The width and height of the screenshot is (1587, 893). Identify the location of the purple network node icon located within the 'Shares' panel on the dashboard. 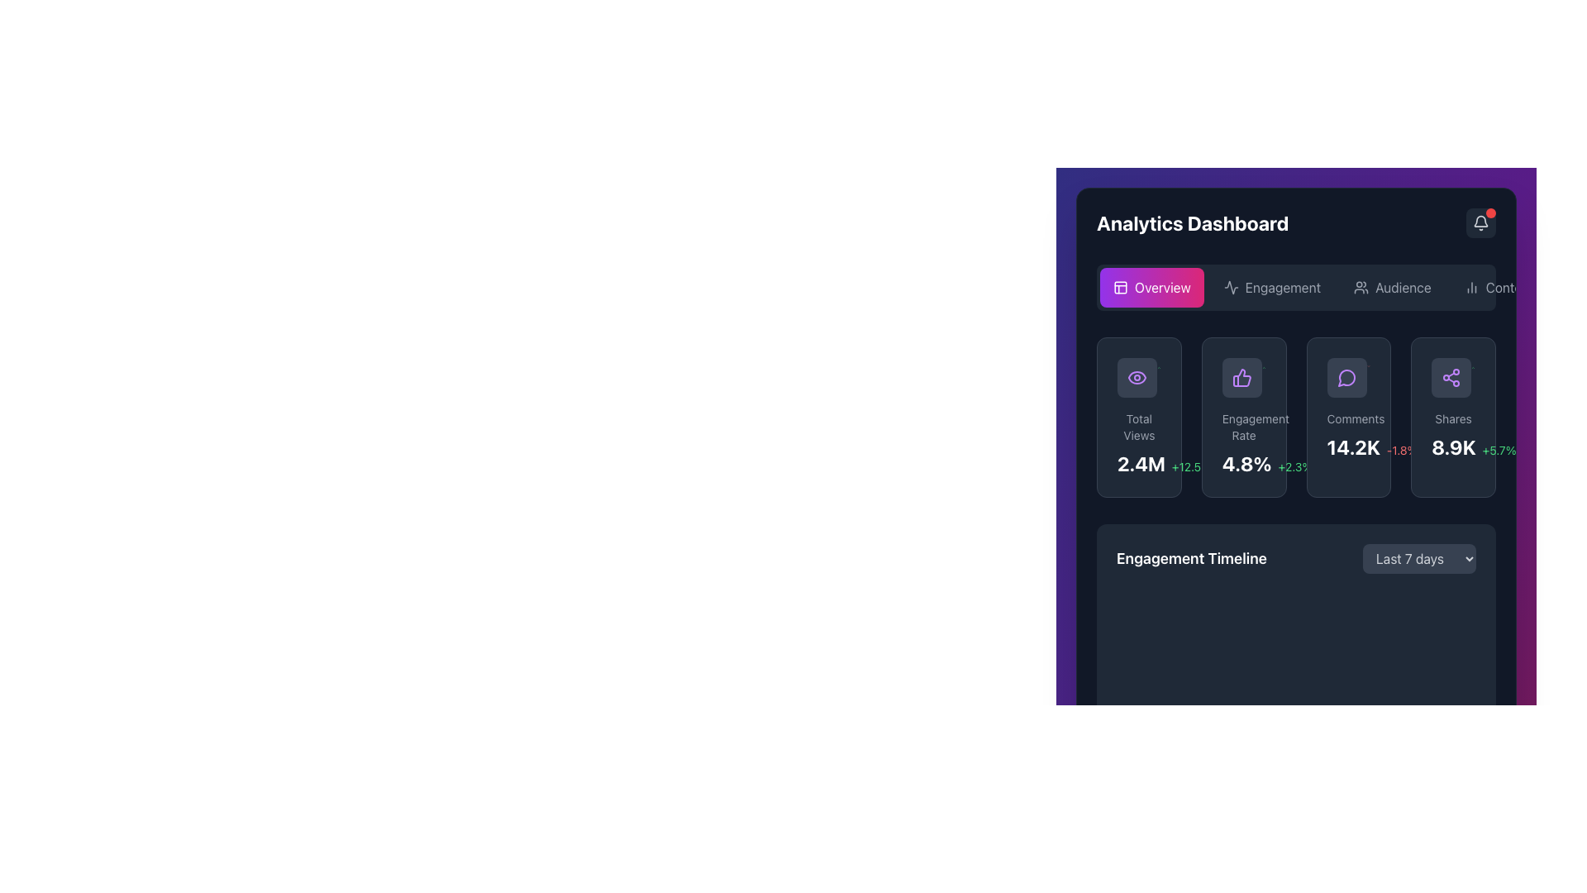
(1452, 377).